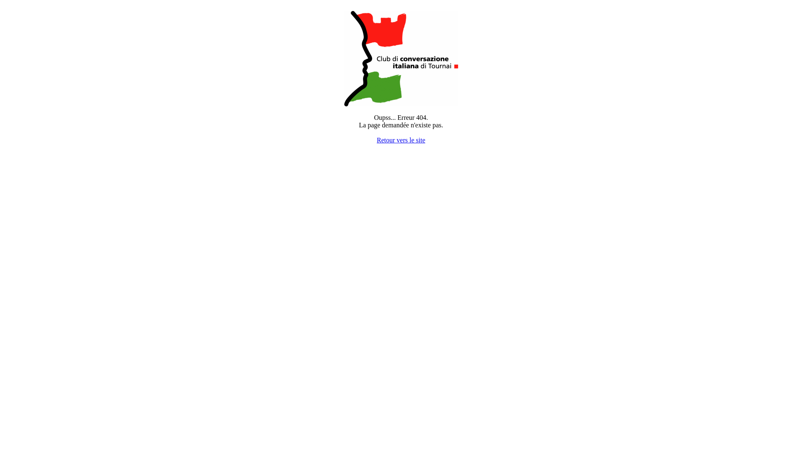  Describe the element at coordinates (401, 139) in the screenshot. I see `'Retour vers le site'` at that location.